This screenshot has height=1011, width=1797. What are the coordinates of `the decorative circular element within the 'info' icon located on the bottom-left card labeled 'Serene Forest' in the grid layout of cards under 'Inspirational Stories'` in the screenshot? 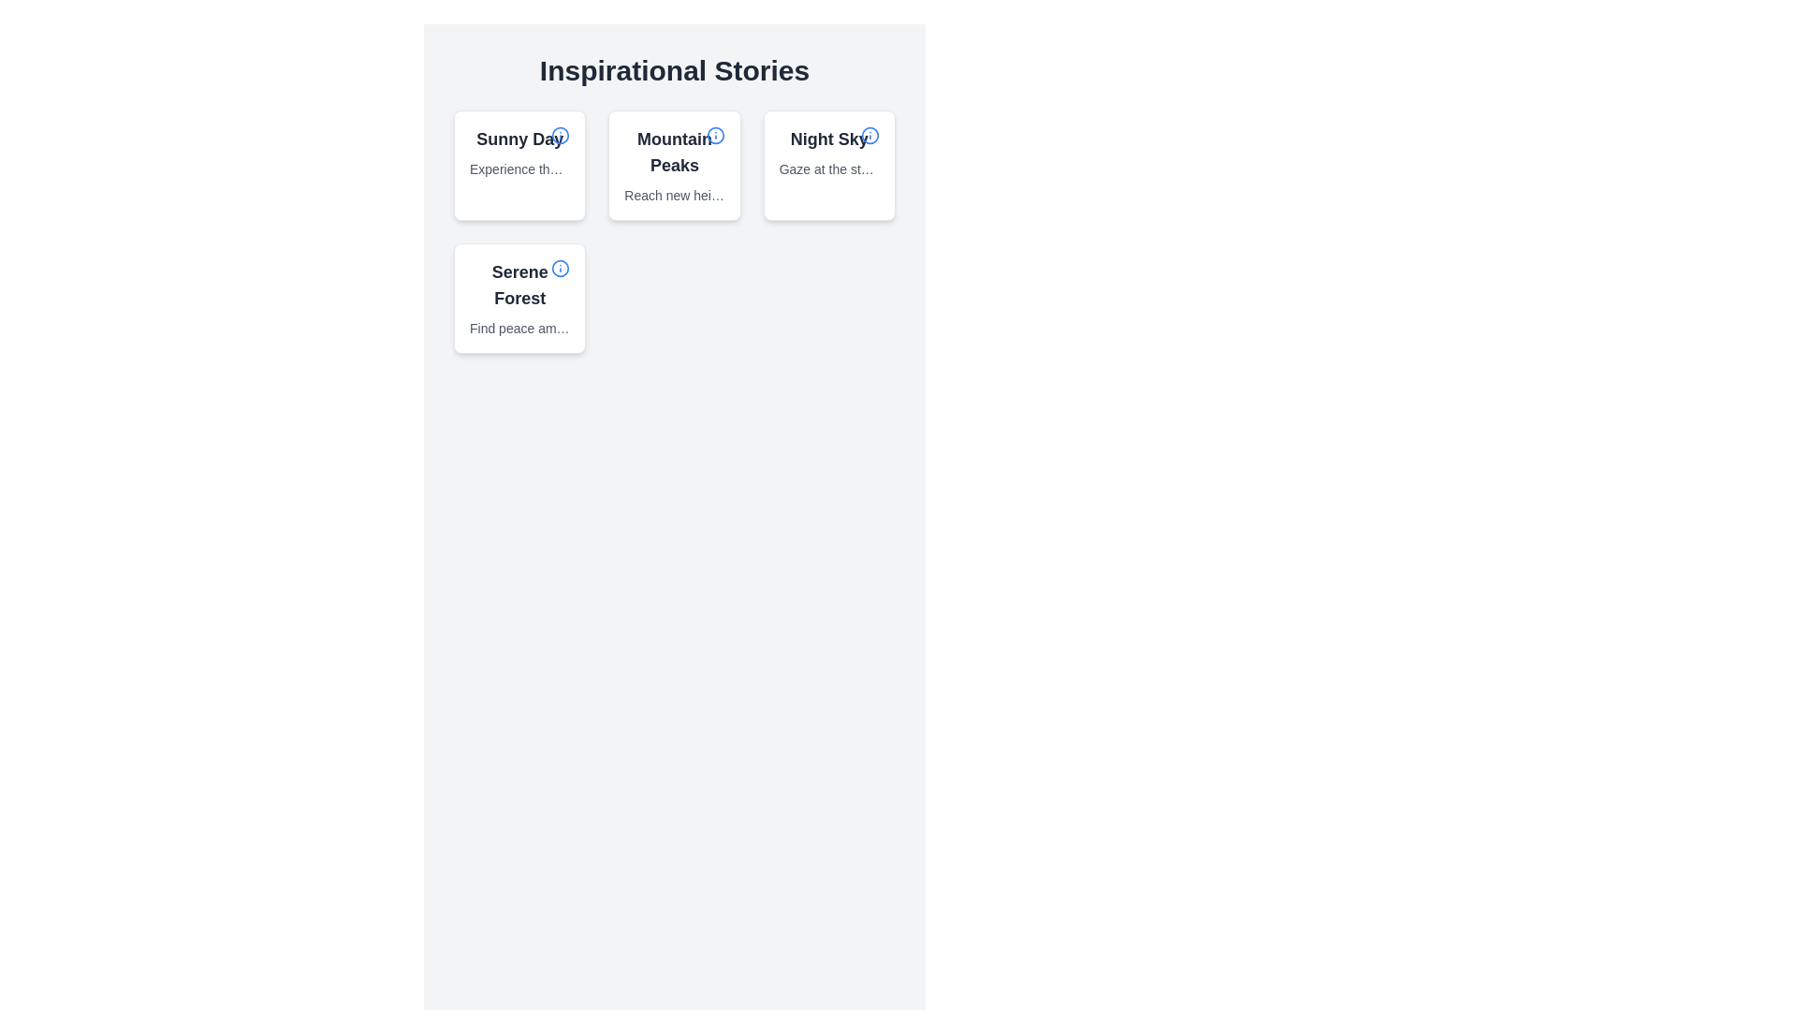 It's located at (560, 268).